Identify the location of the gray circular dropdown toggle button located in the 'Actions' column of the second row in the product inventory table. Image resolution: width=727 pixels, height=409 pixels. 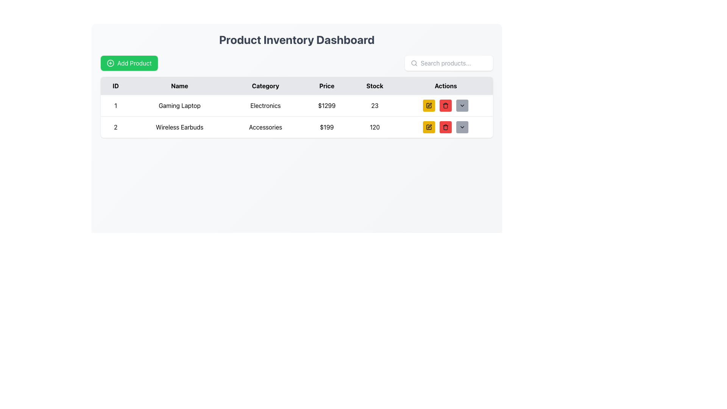
(462, 105).